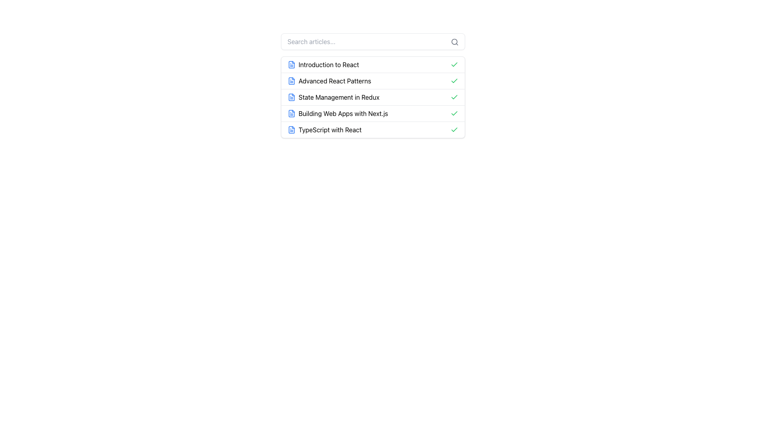 The width and height of the screenshot is (762, 429). Describe the element at coordinates (324, 129) in the screenshot. I see `the list item representing 'TypeScript with React'` at that location.